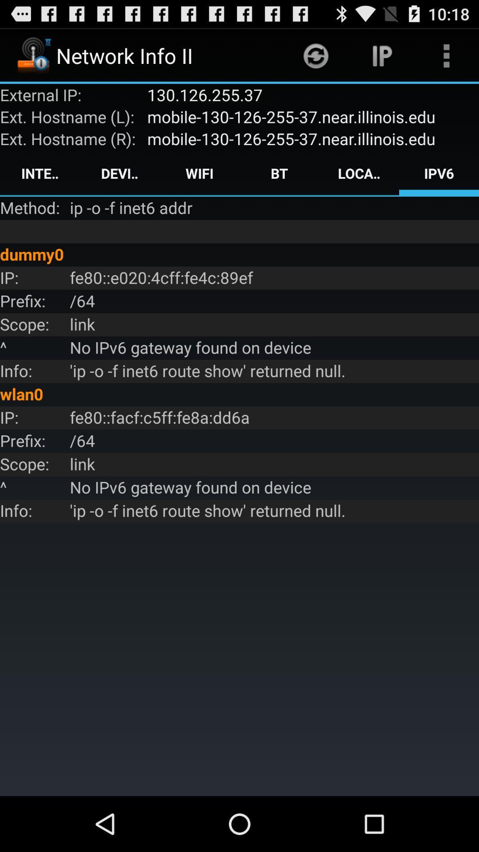  What do you see at coordinates (359, 173) in the screenshot?
I see `the location item` at bounding box center [359, 173].